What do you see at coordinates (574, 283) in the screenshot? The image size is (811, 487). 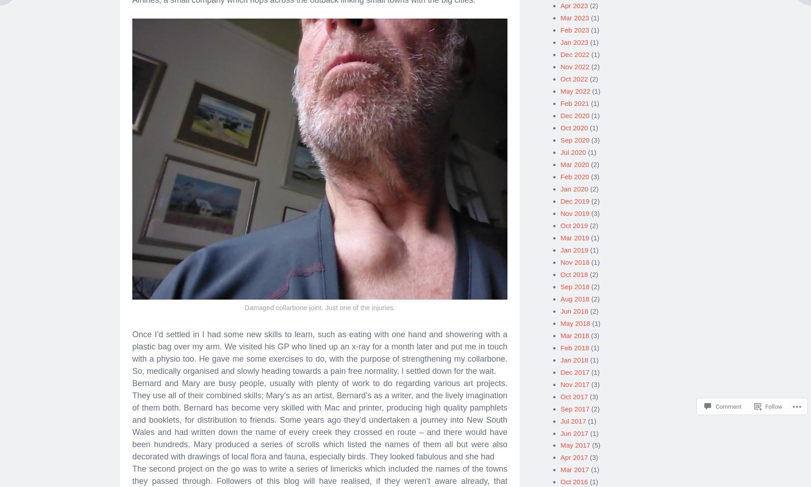 I see `'Sep 2018'` at bounding box center [574, 283].